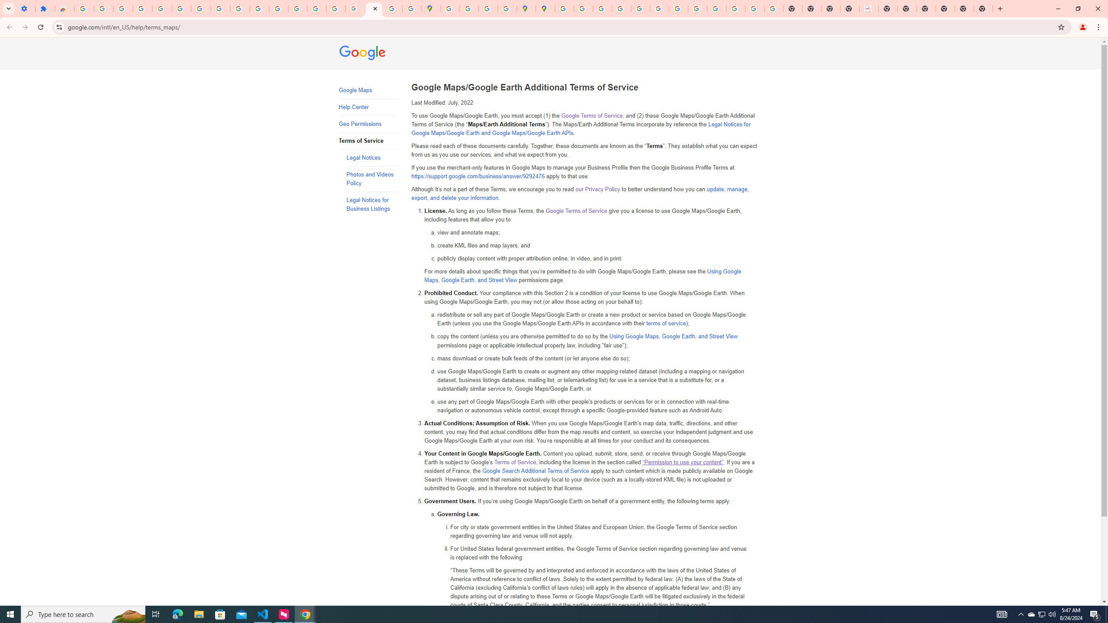  I want to click on 'Legal Notices for Business Listings', so click(372, 204).